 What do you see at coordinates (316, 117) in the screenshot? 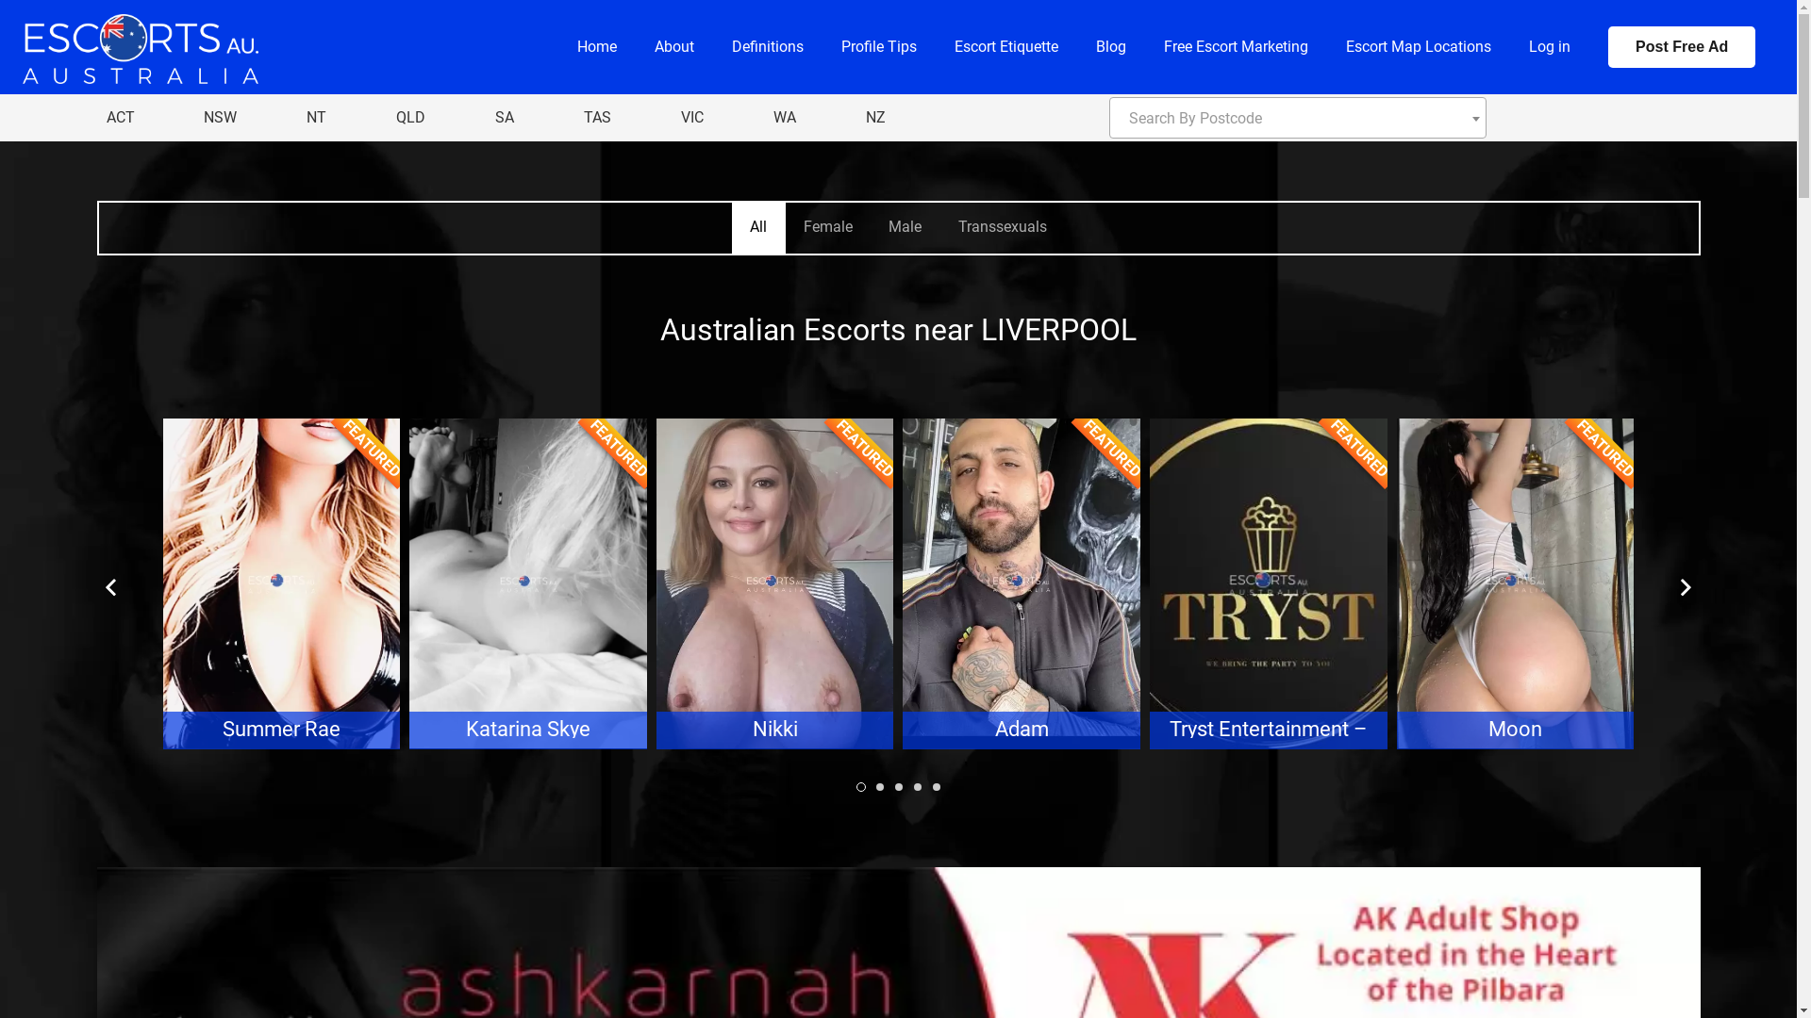
I see `'NT'` at bounding box center [316, 117].